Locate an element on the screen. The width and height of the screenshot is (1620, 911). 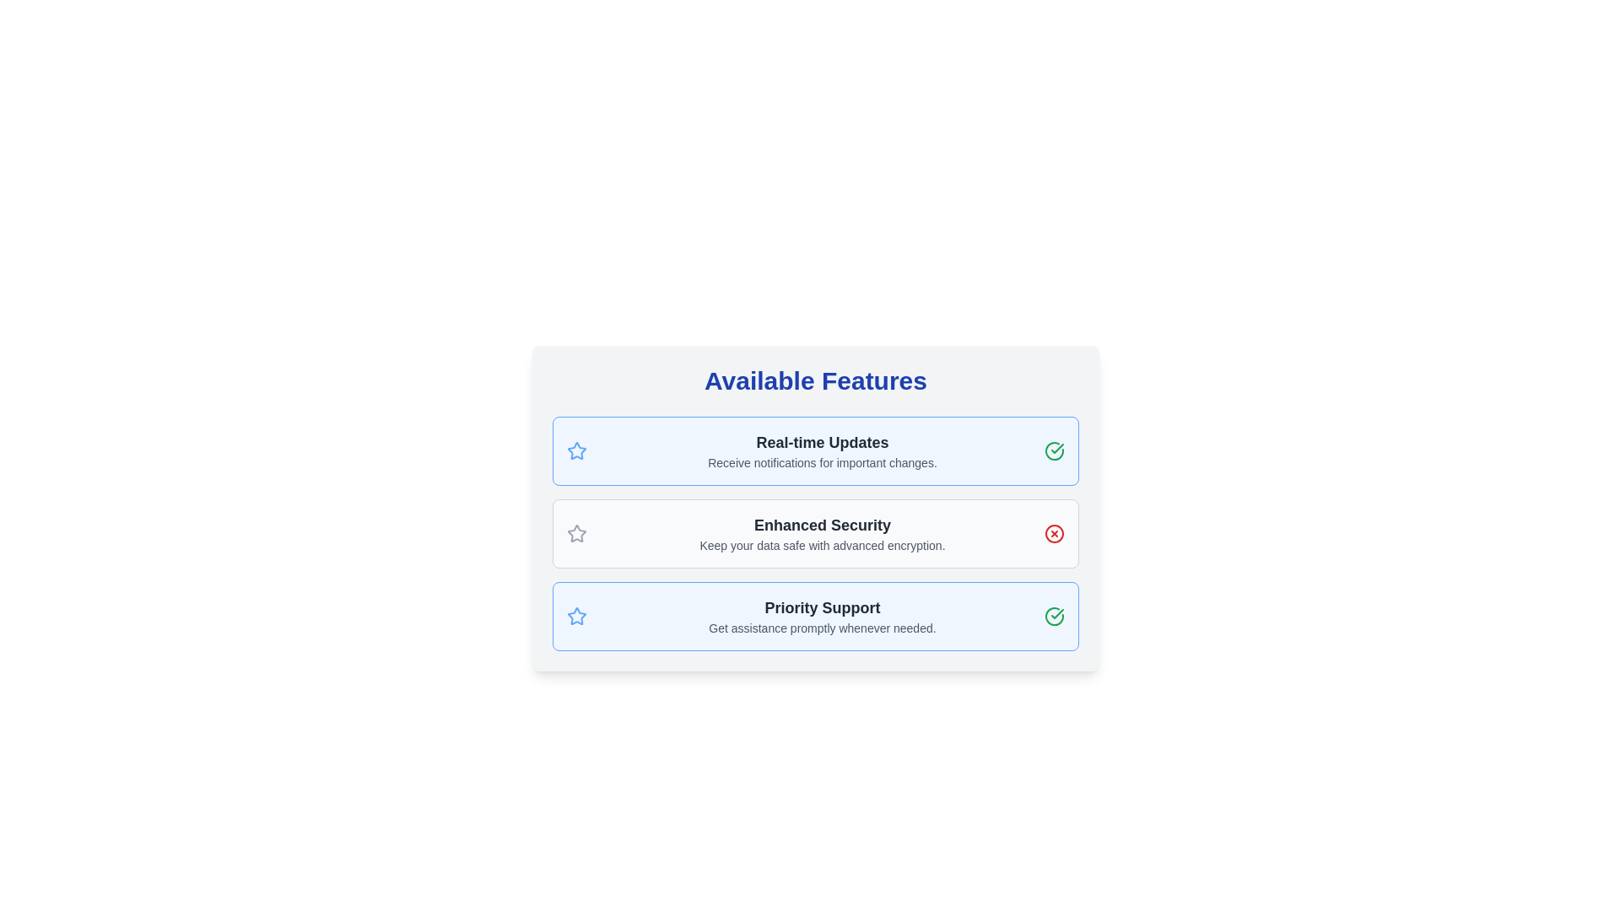
the bold title text label 'Real-time Updates' that is centrally aligned in the section about updates, located in the first item of the 'Available Features' list is located at coordinates (822, 441).